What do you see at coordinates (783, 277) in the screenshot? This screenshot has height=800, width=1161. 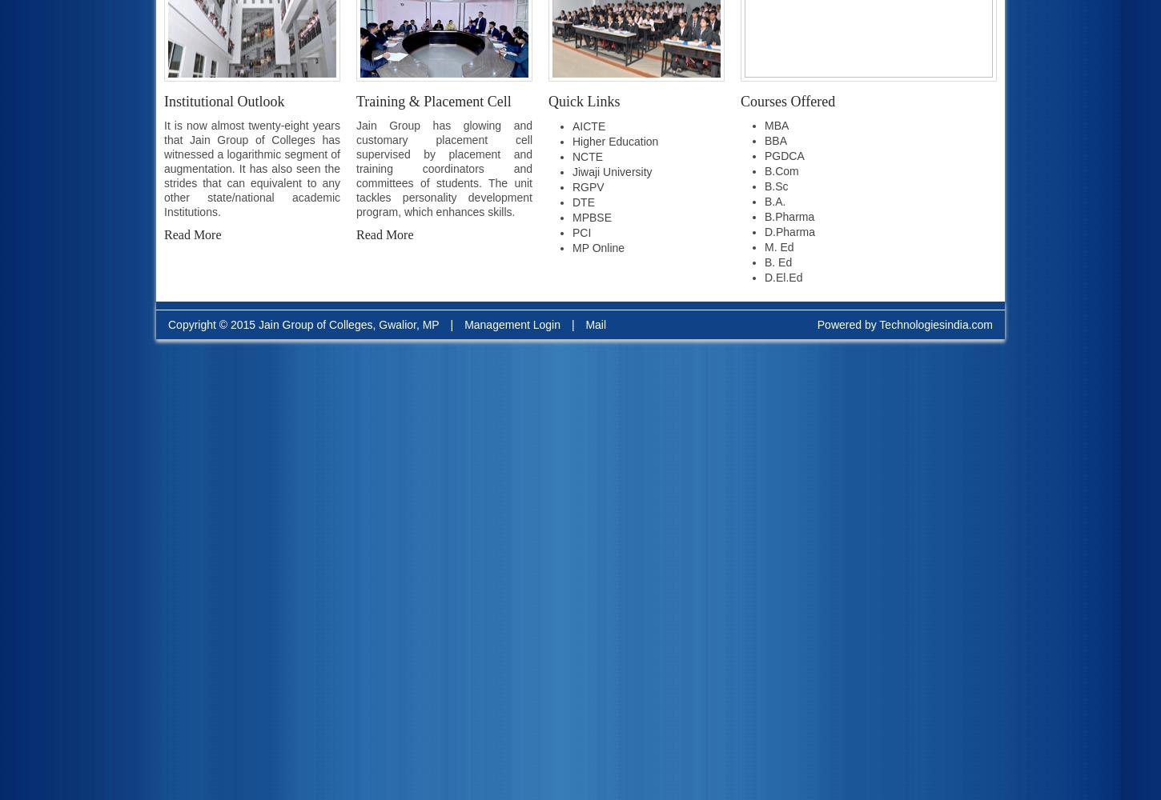 I see `'D.El.Ed'` at bounding box center [783, 277].